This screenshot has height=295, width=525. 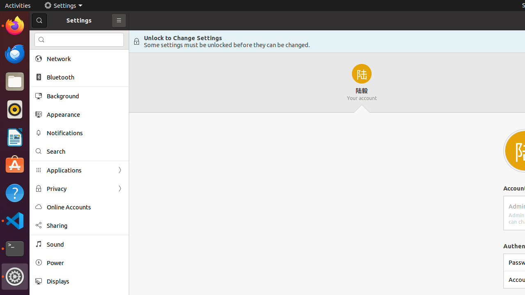 I want to click on 'Privacy', so click(x=79, y=188).